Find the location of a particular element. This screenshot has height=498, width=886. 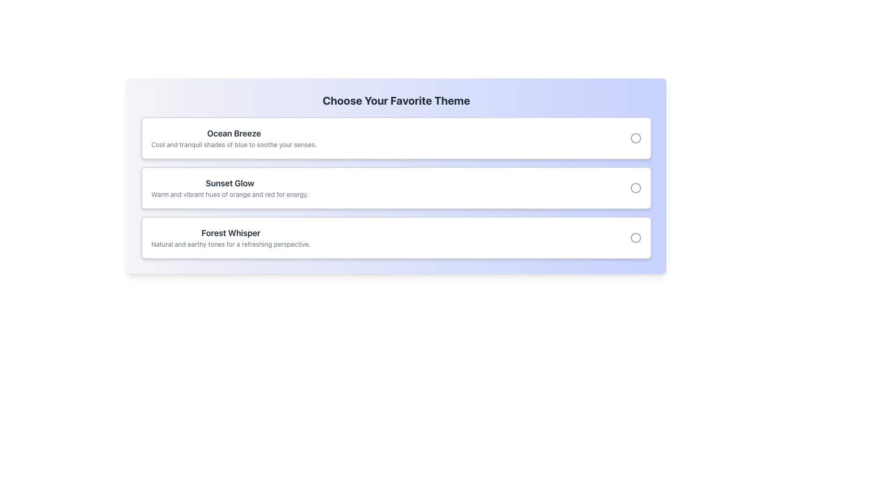

the circular radio button selection indicator for the 'Sunset Glow' theme, which is the second option in the list of three items titled 'Choose Your Favorite Theme' is located at coordinates (635, 188).